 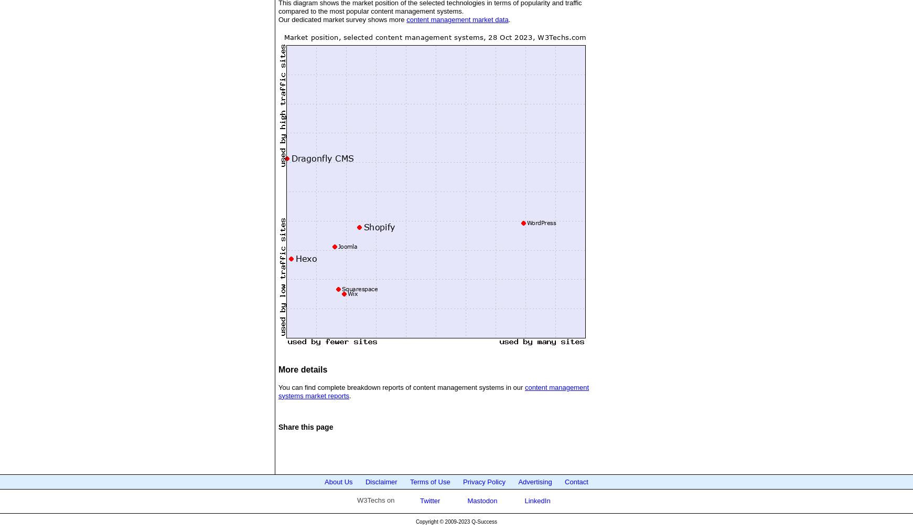 I want to click on 'Share this page', so click(x=306, y=426).